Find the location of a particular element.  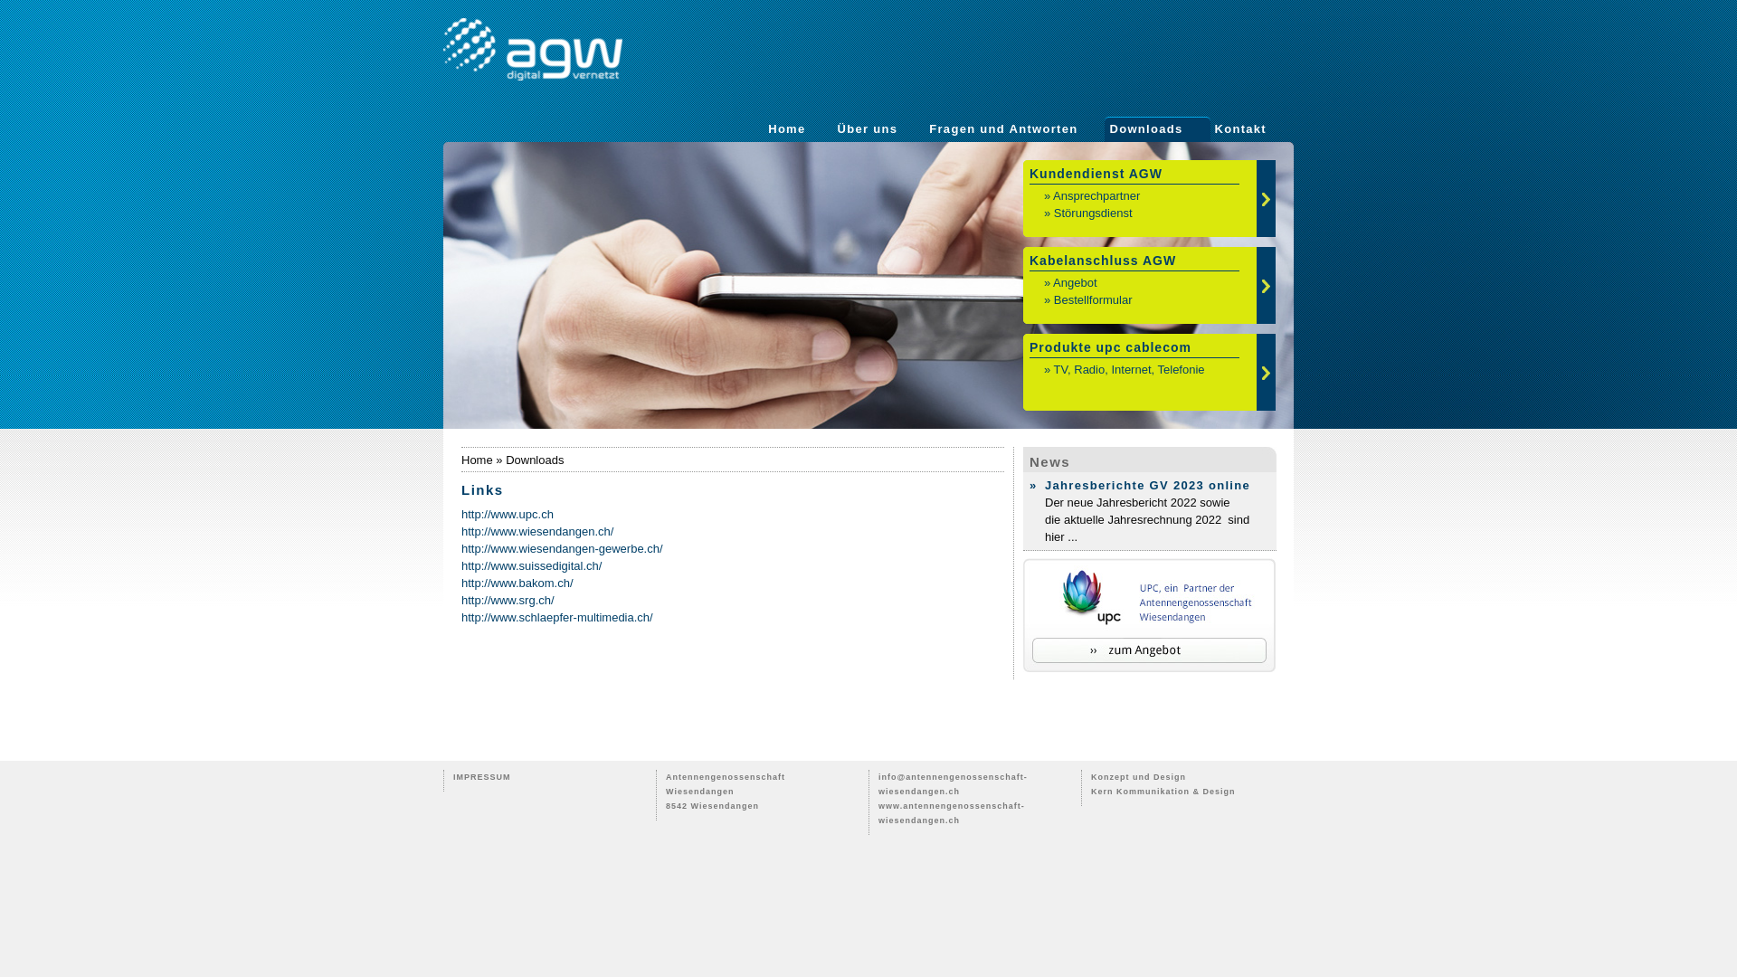

'Jahresberichte GV 2023 online' is located at coordinates (1146, 484).